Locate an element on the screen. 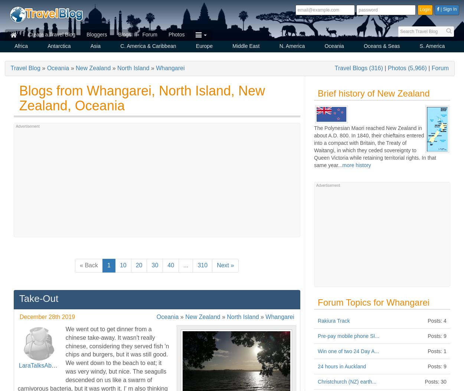  'Oceans & Seas' is located at coordinates (382, 46).